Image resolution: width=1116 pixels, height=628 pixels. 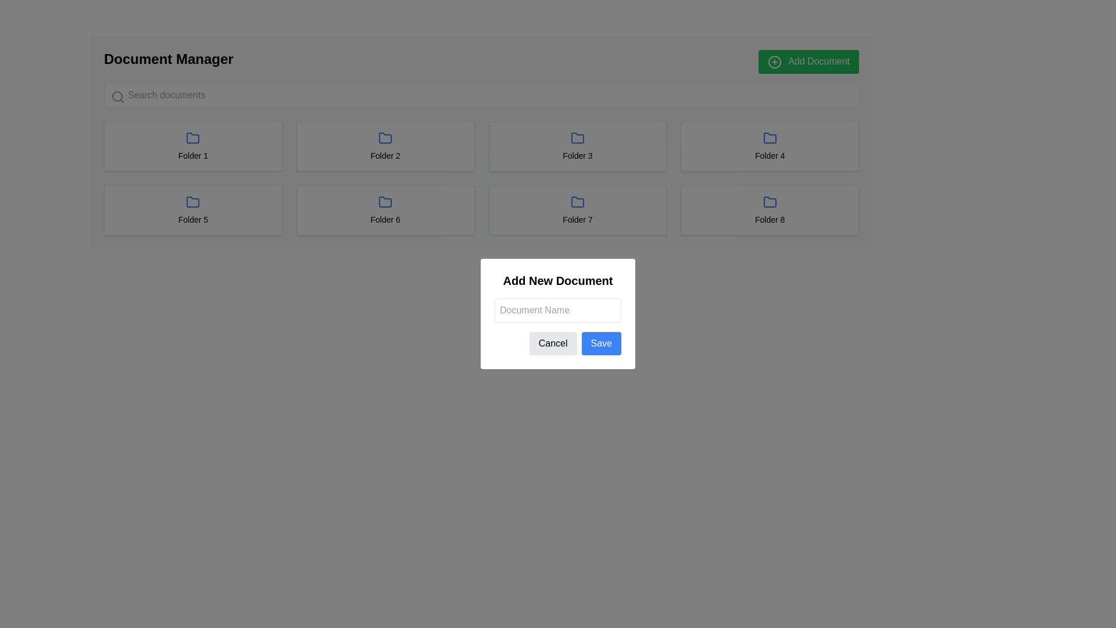 I want to click on the interior shape of the folder icon located in the first row and first column of the folder layout, within 'Folder 1', so click(x=193, y=137).